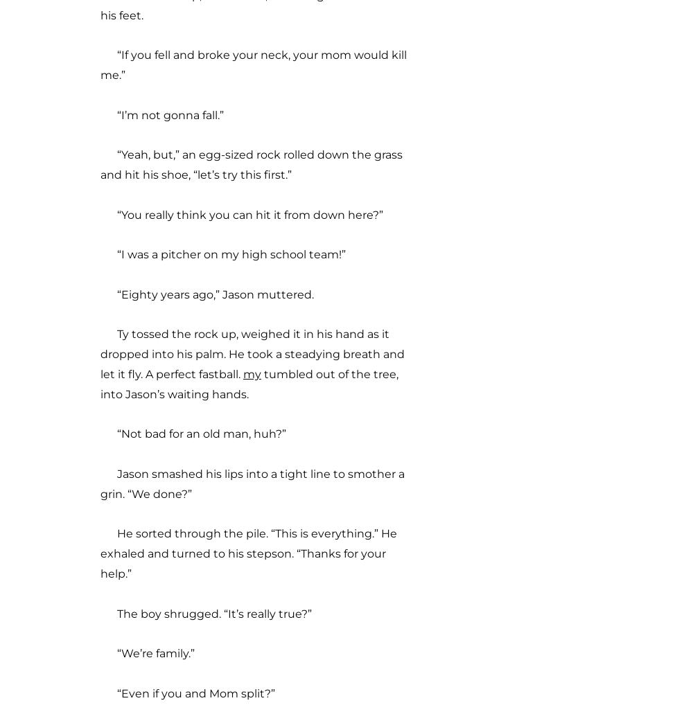 This screenshot has width=693, height=721. I want to click on 'Ty tossed the rock up, weighed it in his hand as it dropped into his palm. He took a steadying breath and let it fly. A perfect fastball.', so click(252, 353).